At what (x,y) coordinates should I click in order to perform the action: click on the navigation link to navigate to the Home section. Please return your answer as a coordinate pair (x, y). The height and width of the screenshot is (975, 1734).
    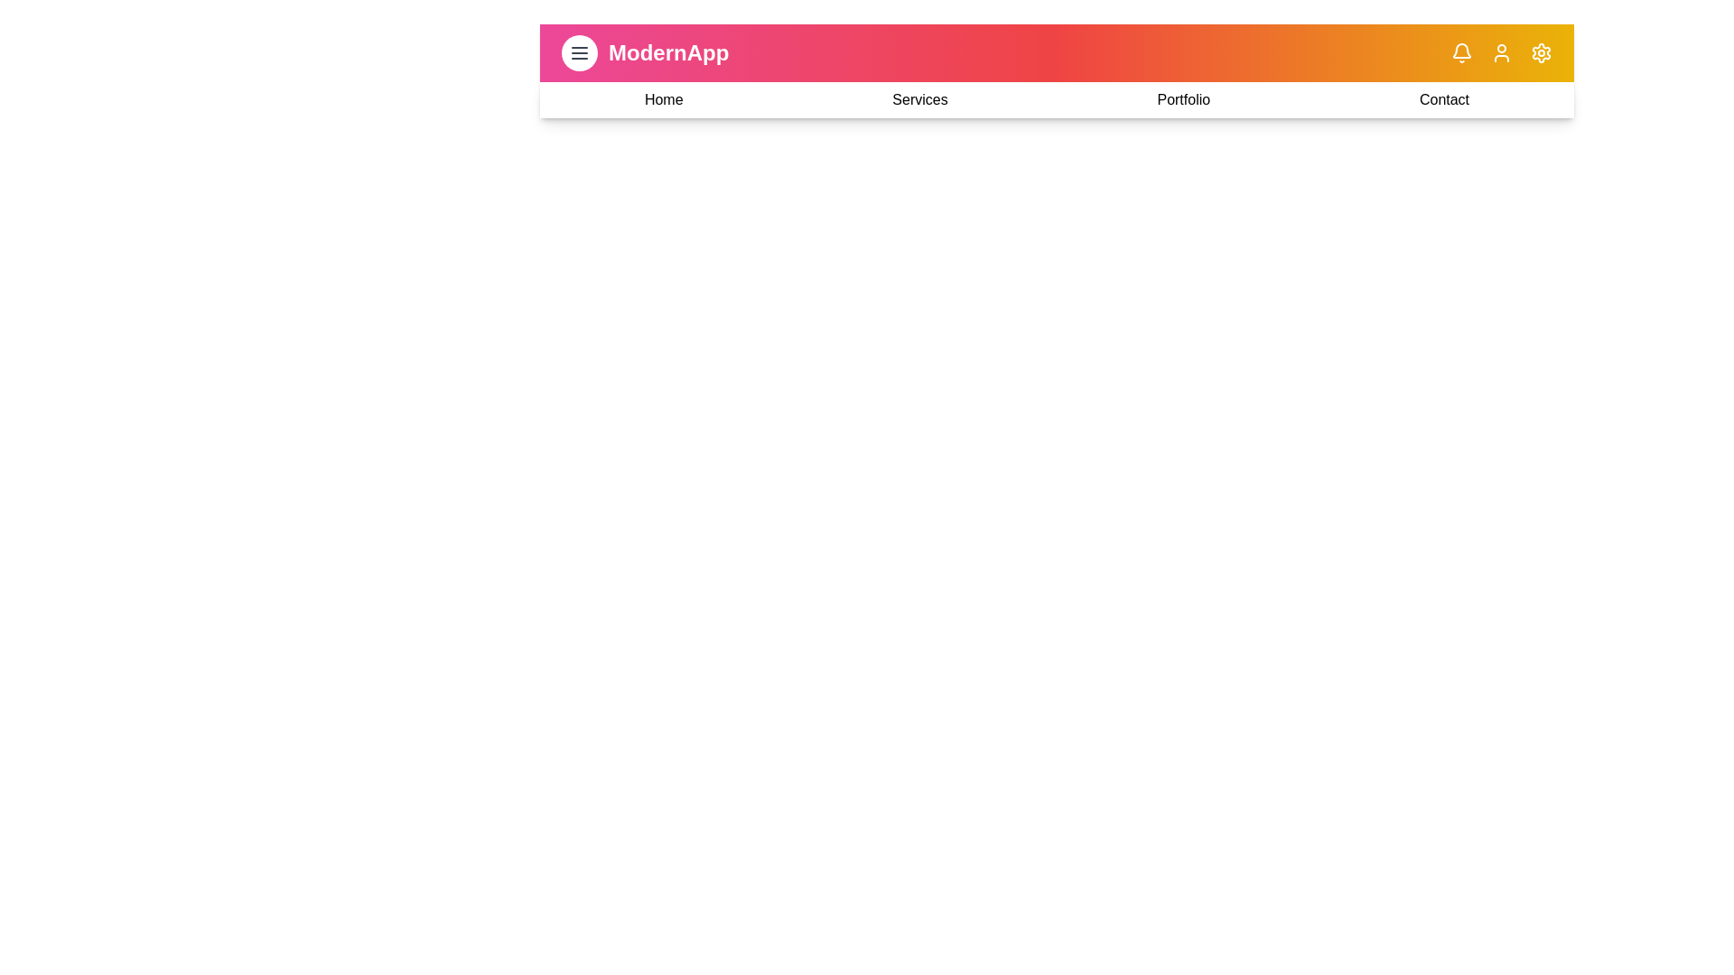
    Looking at the image, I should click on (662, 100).